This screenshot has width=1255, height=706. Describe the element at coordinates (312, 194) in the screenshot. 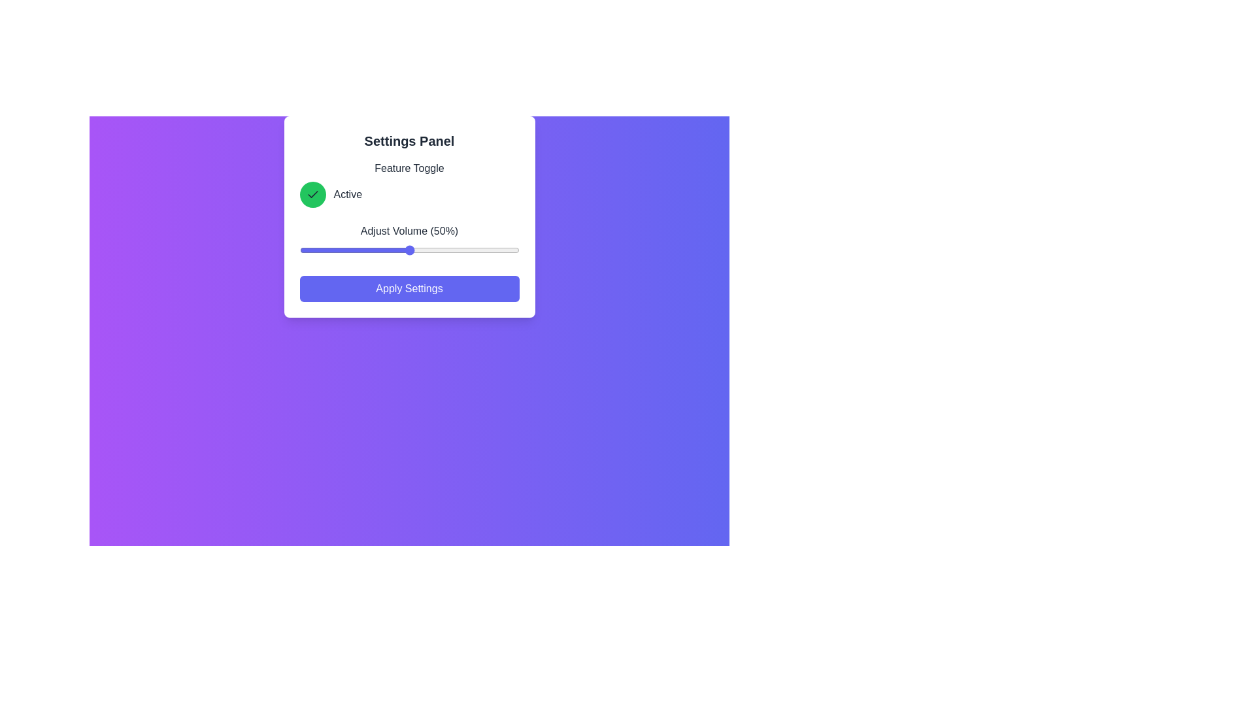

I see `the checkmark icon within the SVG element located in the Settings Panel, indicating a state or confirmation` at that location.